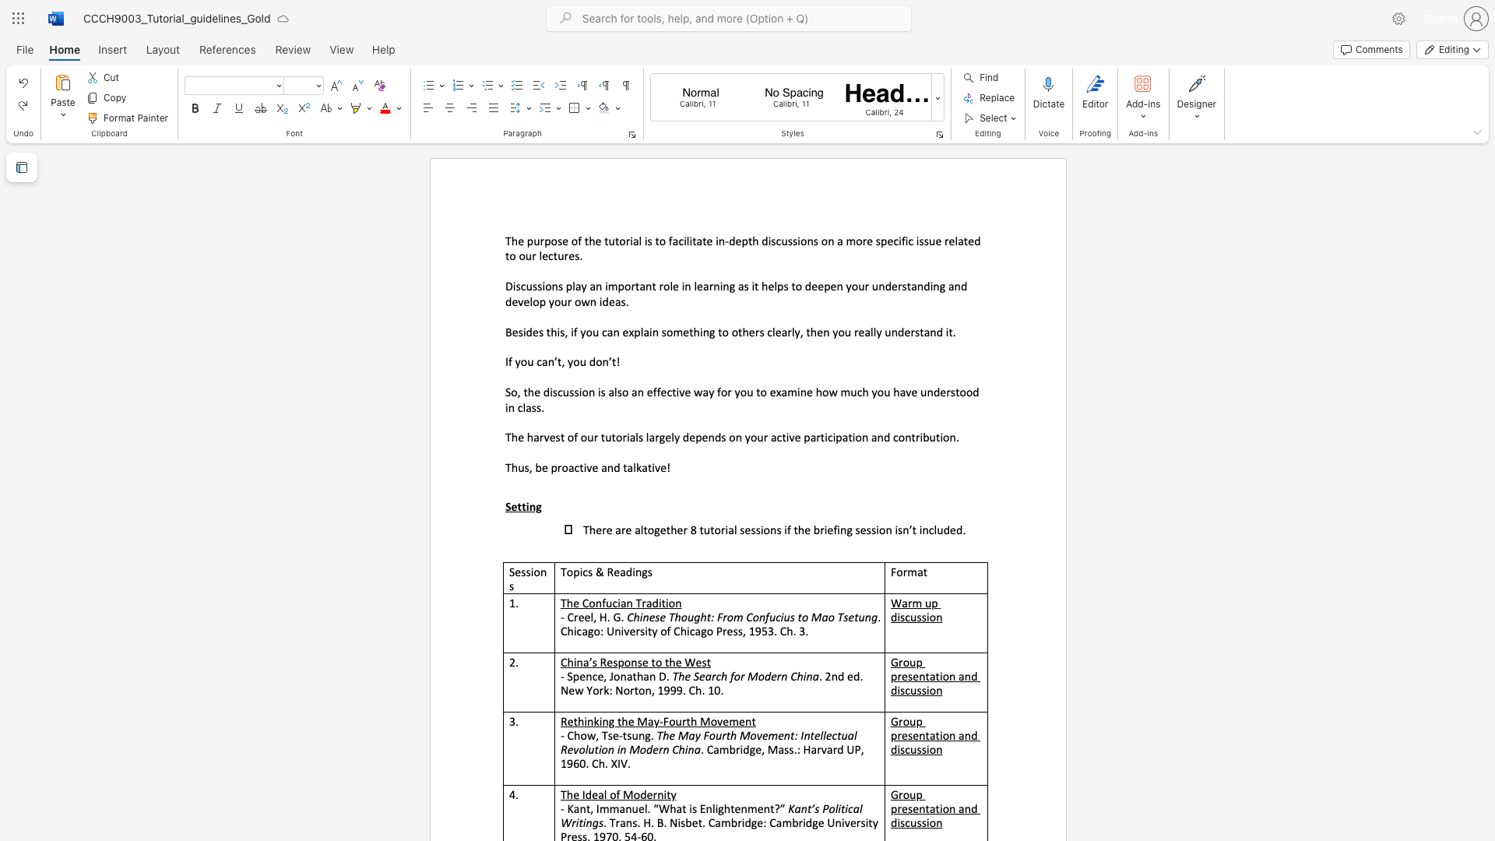  What do you see at coordinates (512, 301) in the screenshot?
I see `the subset text "evel" within the text "Discussions play an important role in learning as it helps to deepen your understanding and develop your own ideas."` at bounding box center [512, 301].